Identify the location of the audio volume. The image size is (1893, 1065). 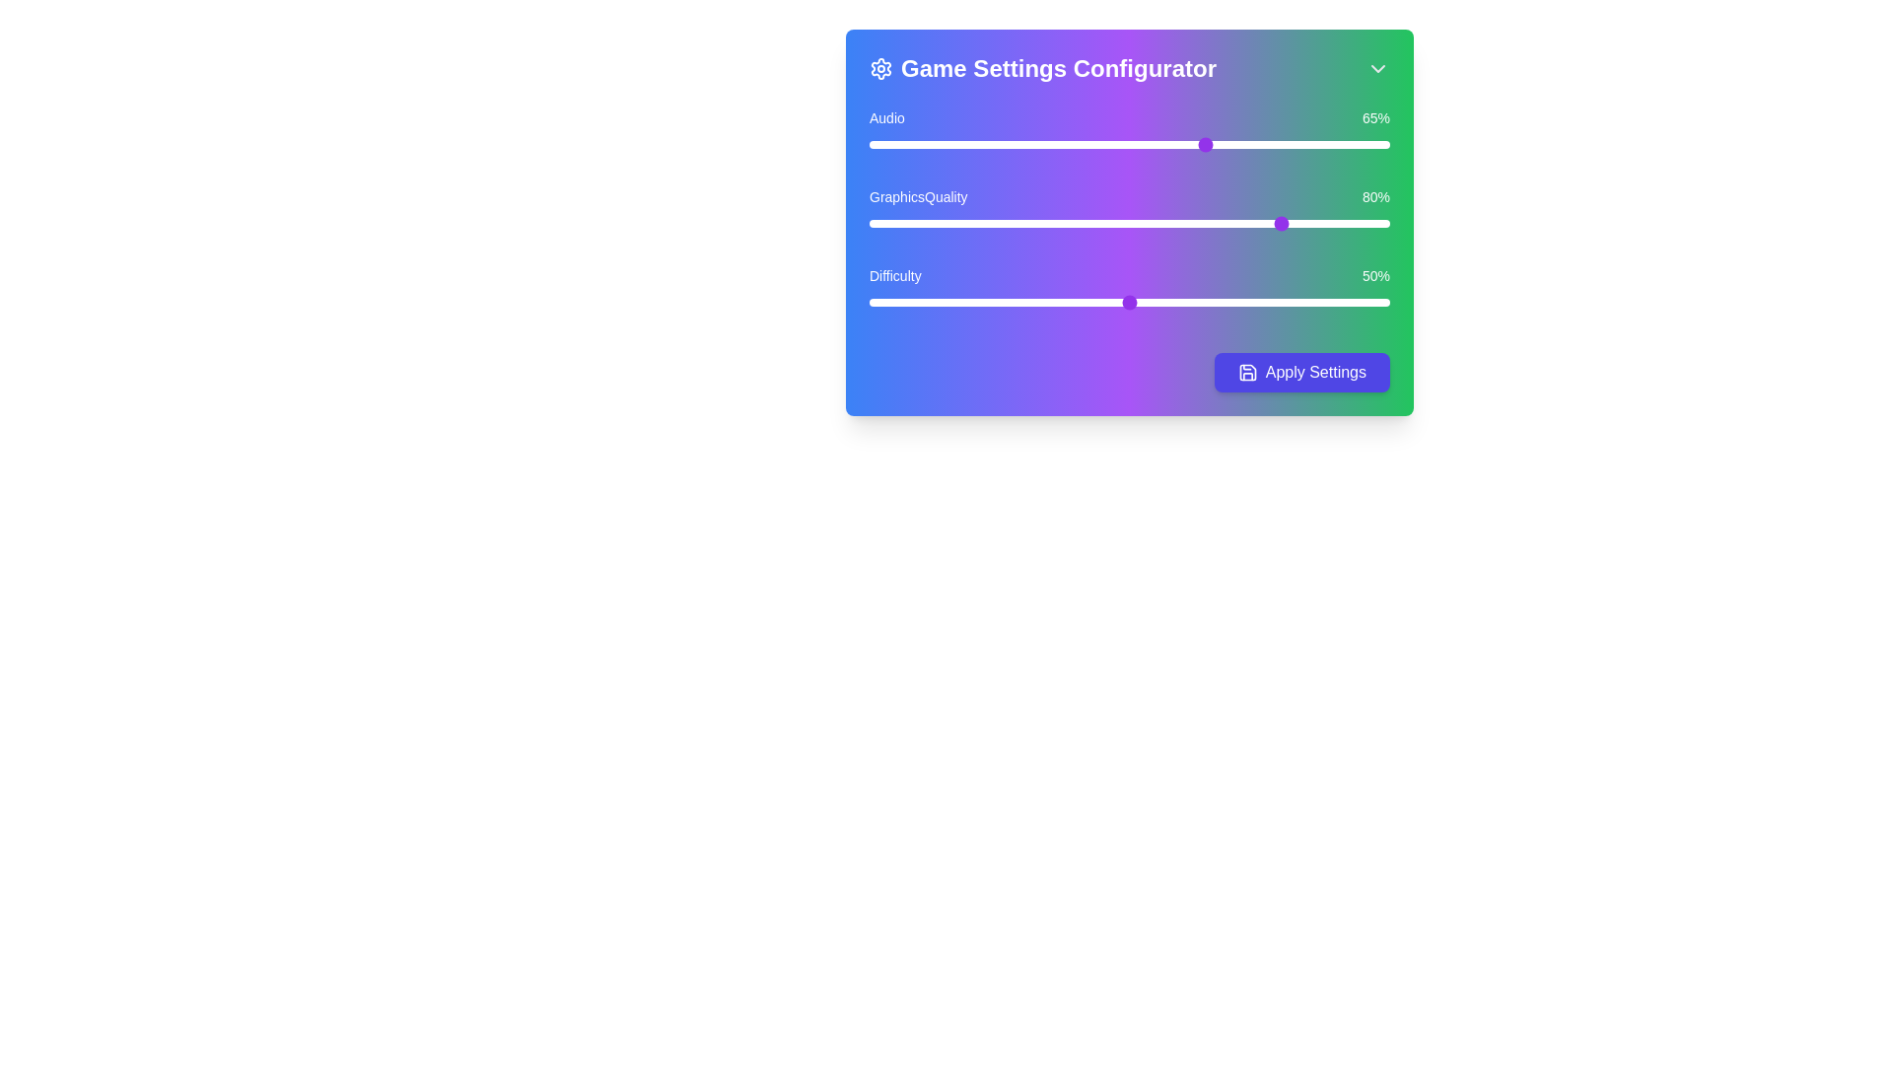
(1201, 143).